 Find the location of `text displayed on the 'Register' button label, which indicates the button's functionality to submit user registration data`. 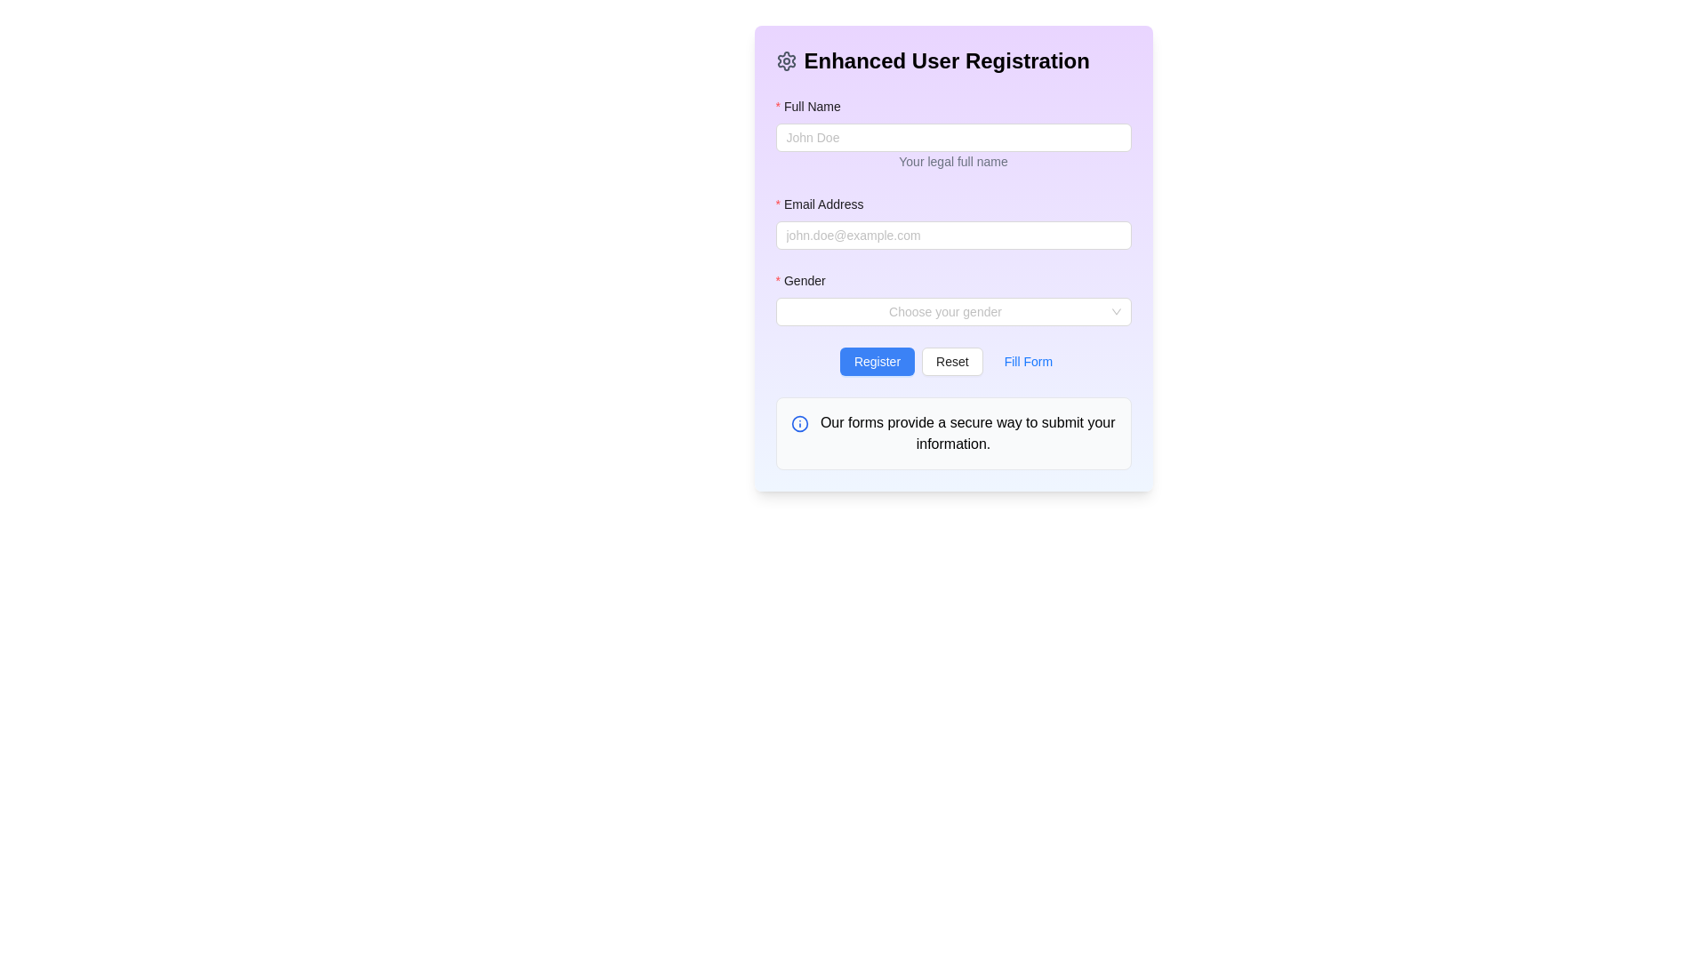

text displayed on the 'Register' button label, which indicates the button's functionality to submit user registration data is located at coordinates (878, 361).